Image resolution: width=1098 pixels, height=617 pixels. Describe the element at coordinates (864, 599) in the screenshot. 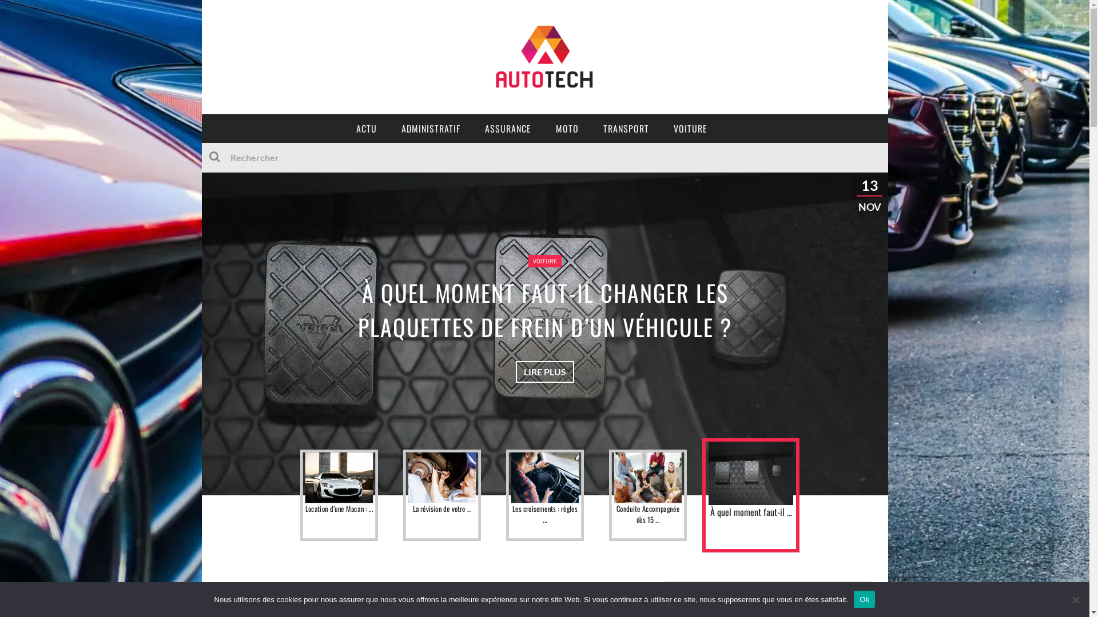

I see `'Ok'` at that location.